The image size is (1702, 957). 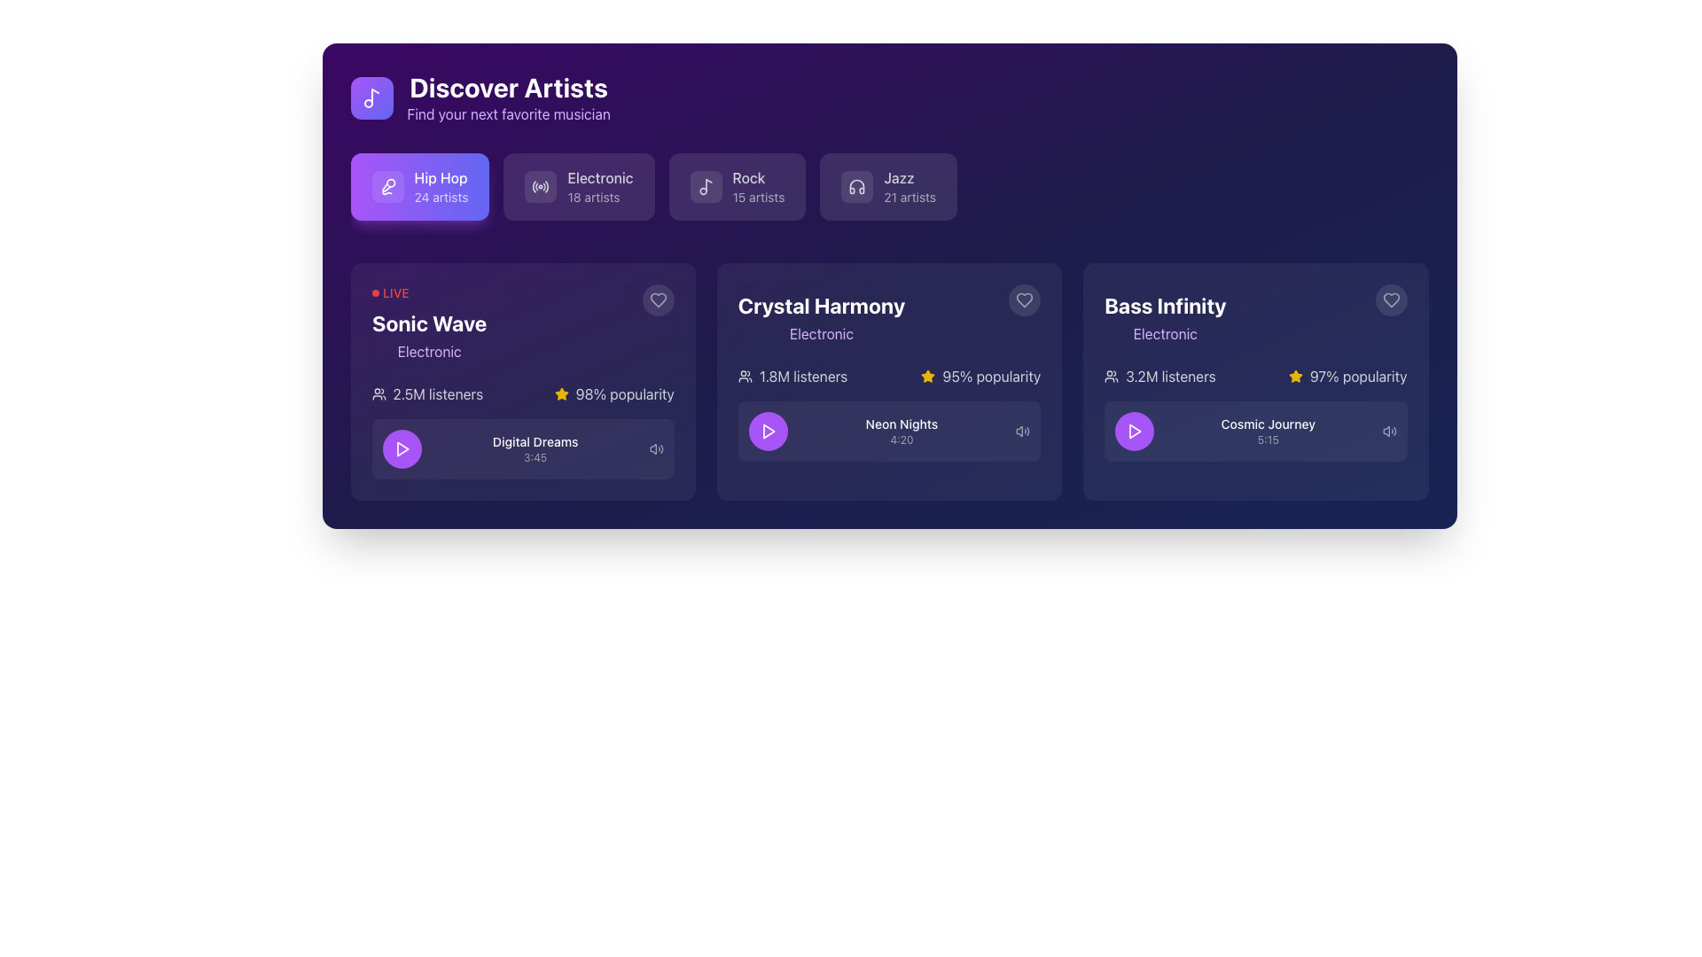 I want to click on the Text Label that serves as a title or heading indicating the purpose or theme of the section related to exploring artists or musicians, so click(x=508, y=88).